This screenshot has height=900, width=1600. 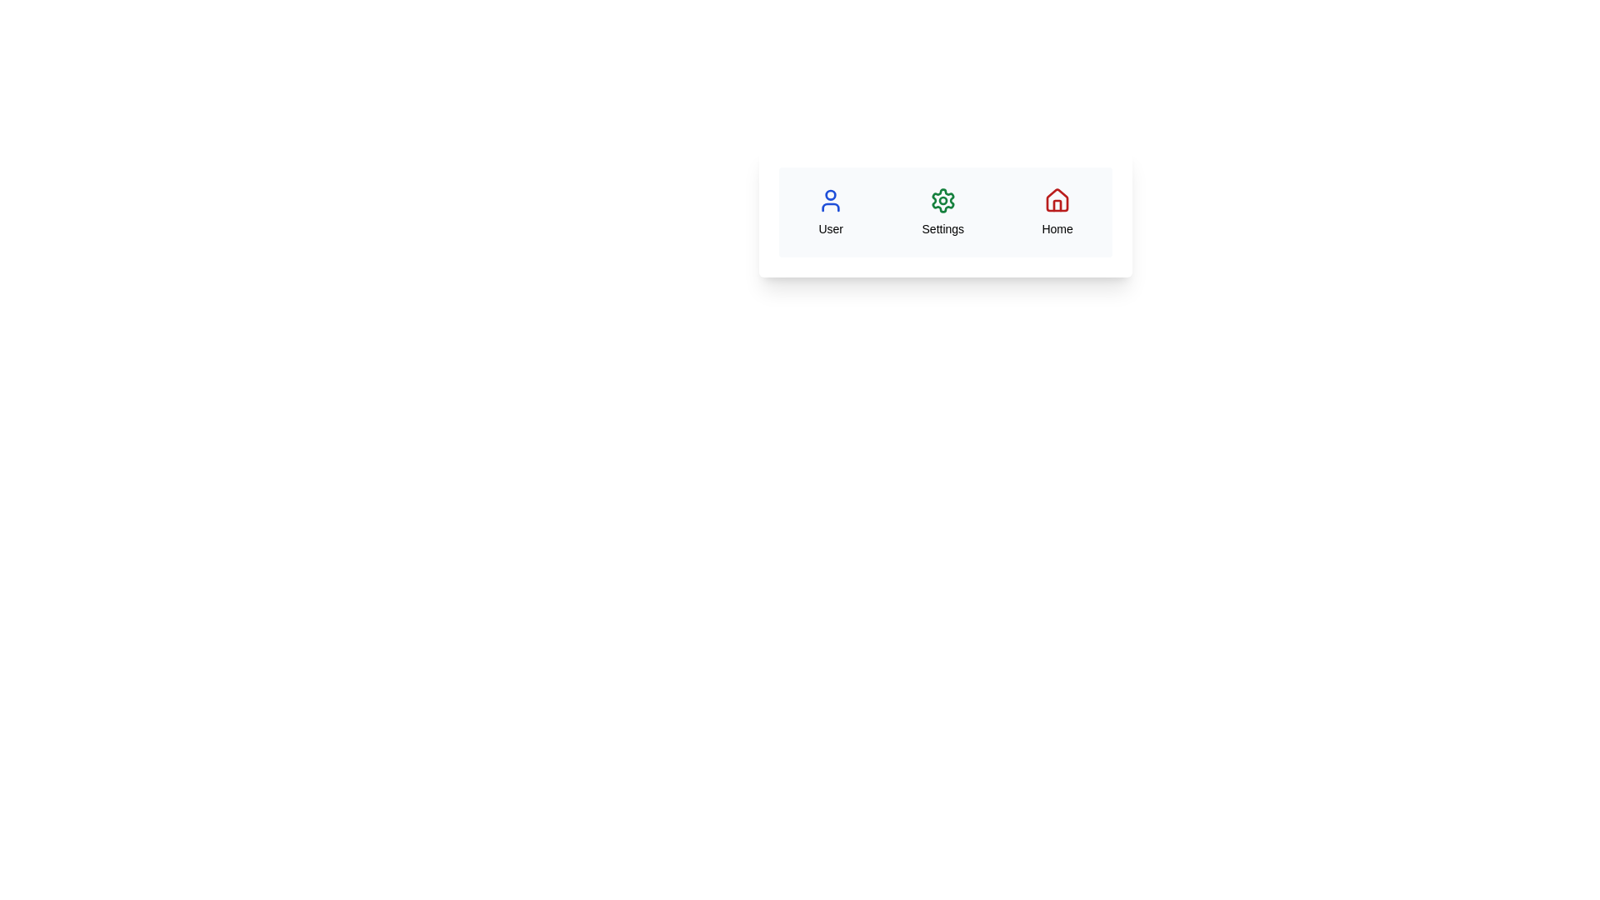 What do you see at coordinates (942, 211) in the screenshot?
I see `the navigation button for 'Settings' to trigger a visual effect, located centrally between 'User' and 'Home'` at bounding box center [942, 211].